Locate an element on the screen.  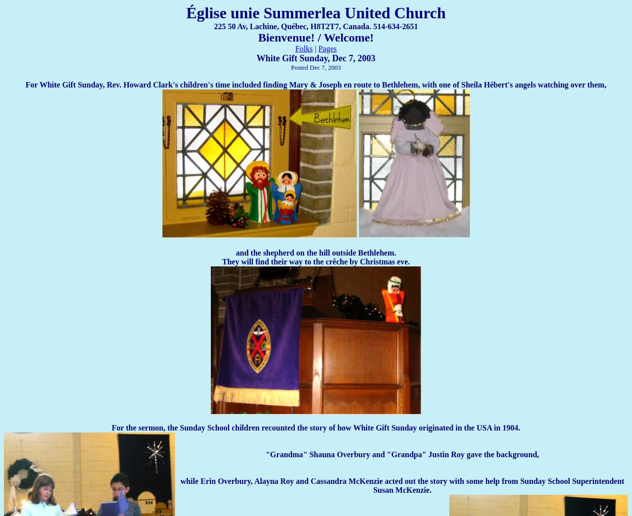
'225 50 Av, Lachine, Québec, H8T2T7, Canada. 514-634-2651' is located at coordinates (315, 26).